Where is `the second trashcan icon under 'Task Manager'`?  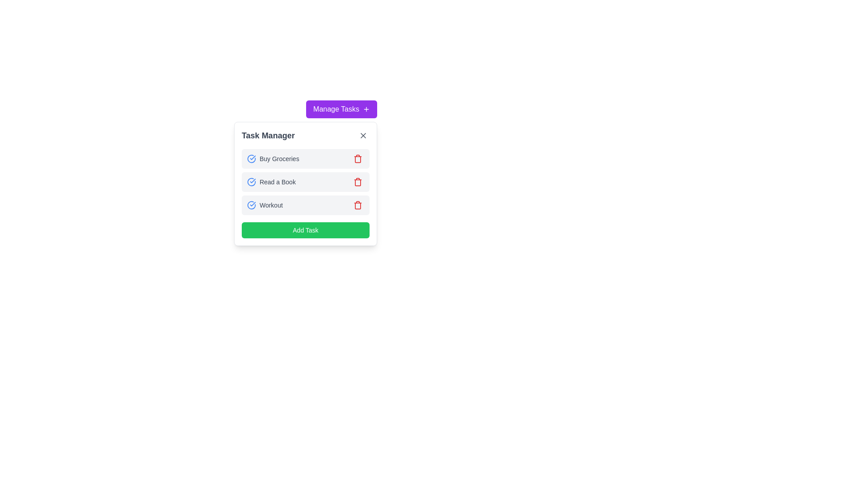
the second trashcan icon under 'Task Manager' is located at coordinates (358, 182).